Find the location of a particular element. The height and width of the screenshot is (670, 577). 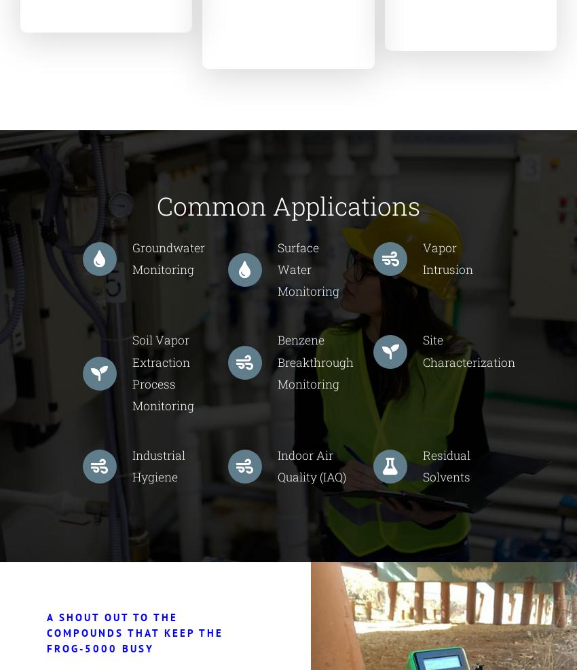

'Site Characterization' is located at coordinates (468, 350).